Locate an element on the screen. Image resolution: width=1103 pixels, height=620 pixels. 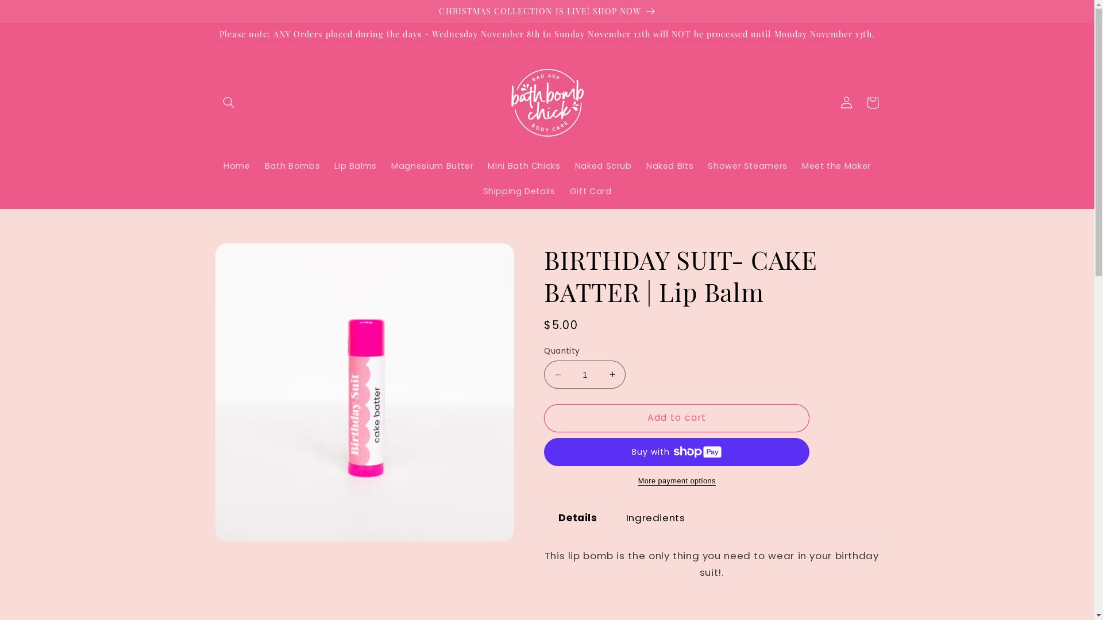
'Magnesium Butter' is located at coordinates (384, 166).